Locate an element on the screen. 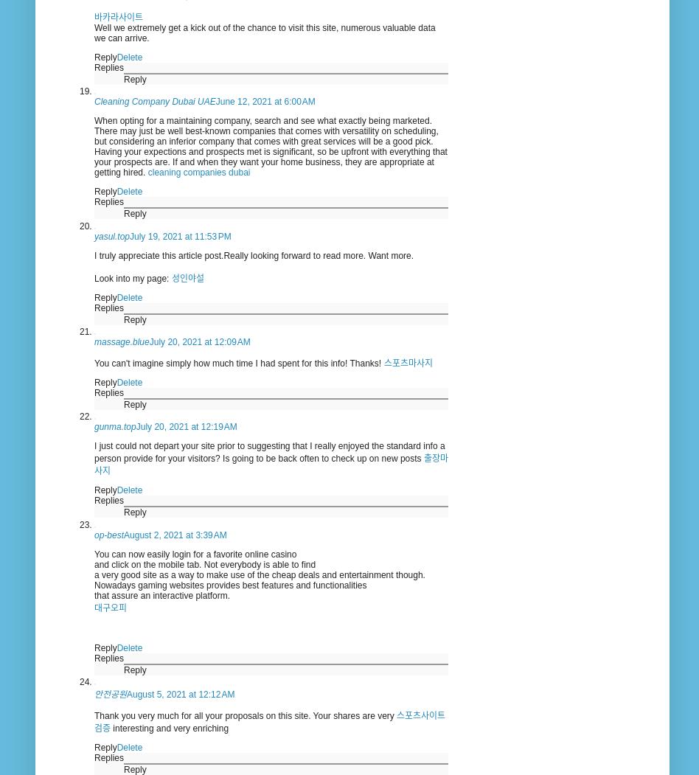 This screenshot has height=775, width=699. 'August 2, 2021 at 3:39 AM' is located at coordinates (175, 533).